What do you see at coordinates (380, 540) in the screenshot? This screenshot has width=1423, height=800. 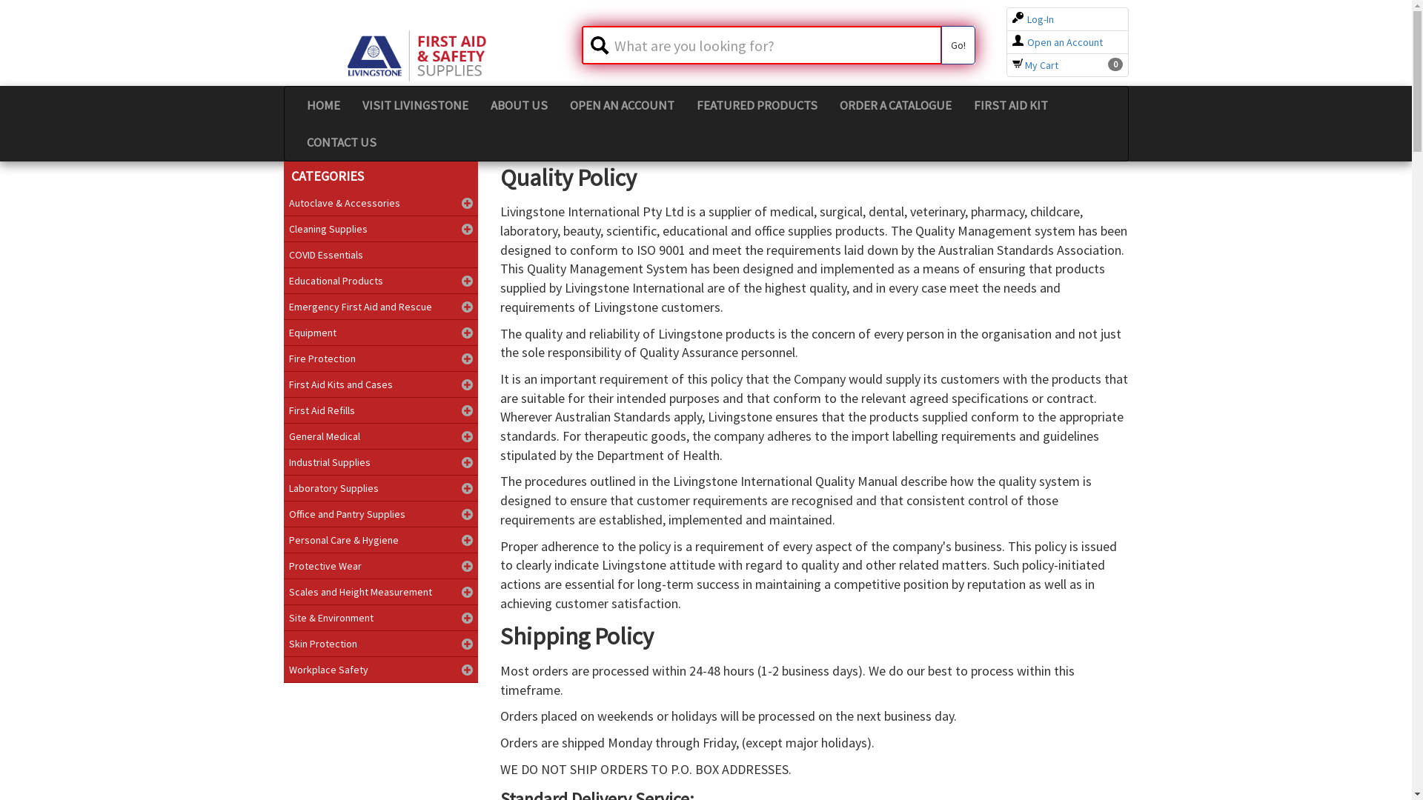 I see `'Personal Care & Hygiene'` at bounding box center [380, 540].